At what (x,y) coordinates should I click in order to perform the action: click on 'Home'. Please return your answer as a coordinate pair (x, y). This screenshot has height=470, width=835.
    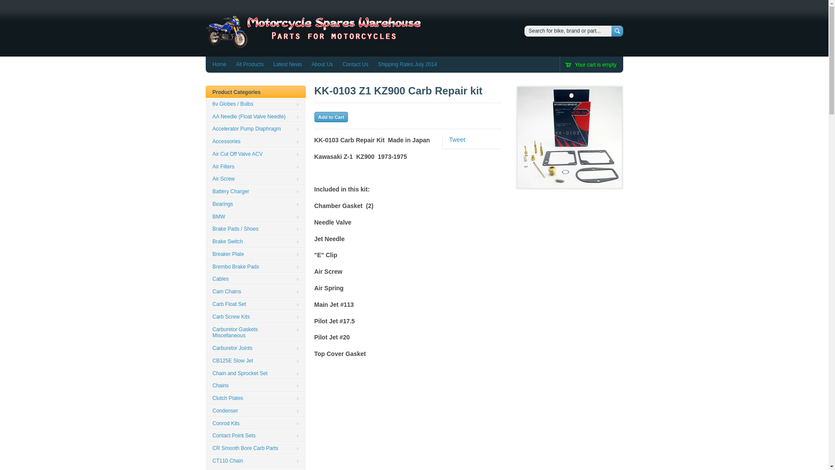
    Looking at the image, I should click on (219, 64).